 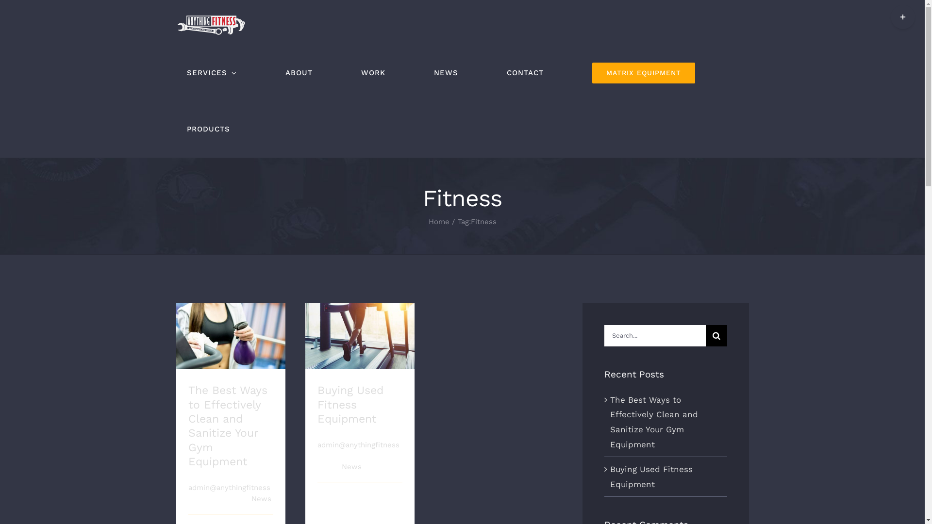 I want to click on 'admin@anythingfitness', so click(x=358, y=445).